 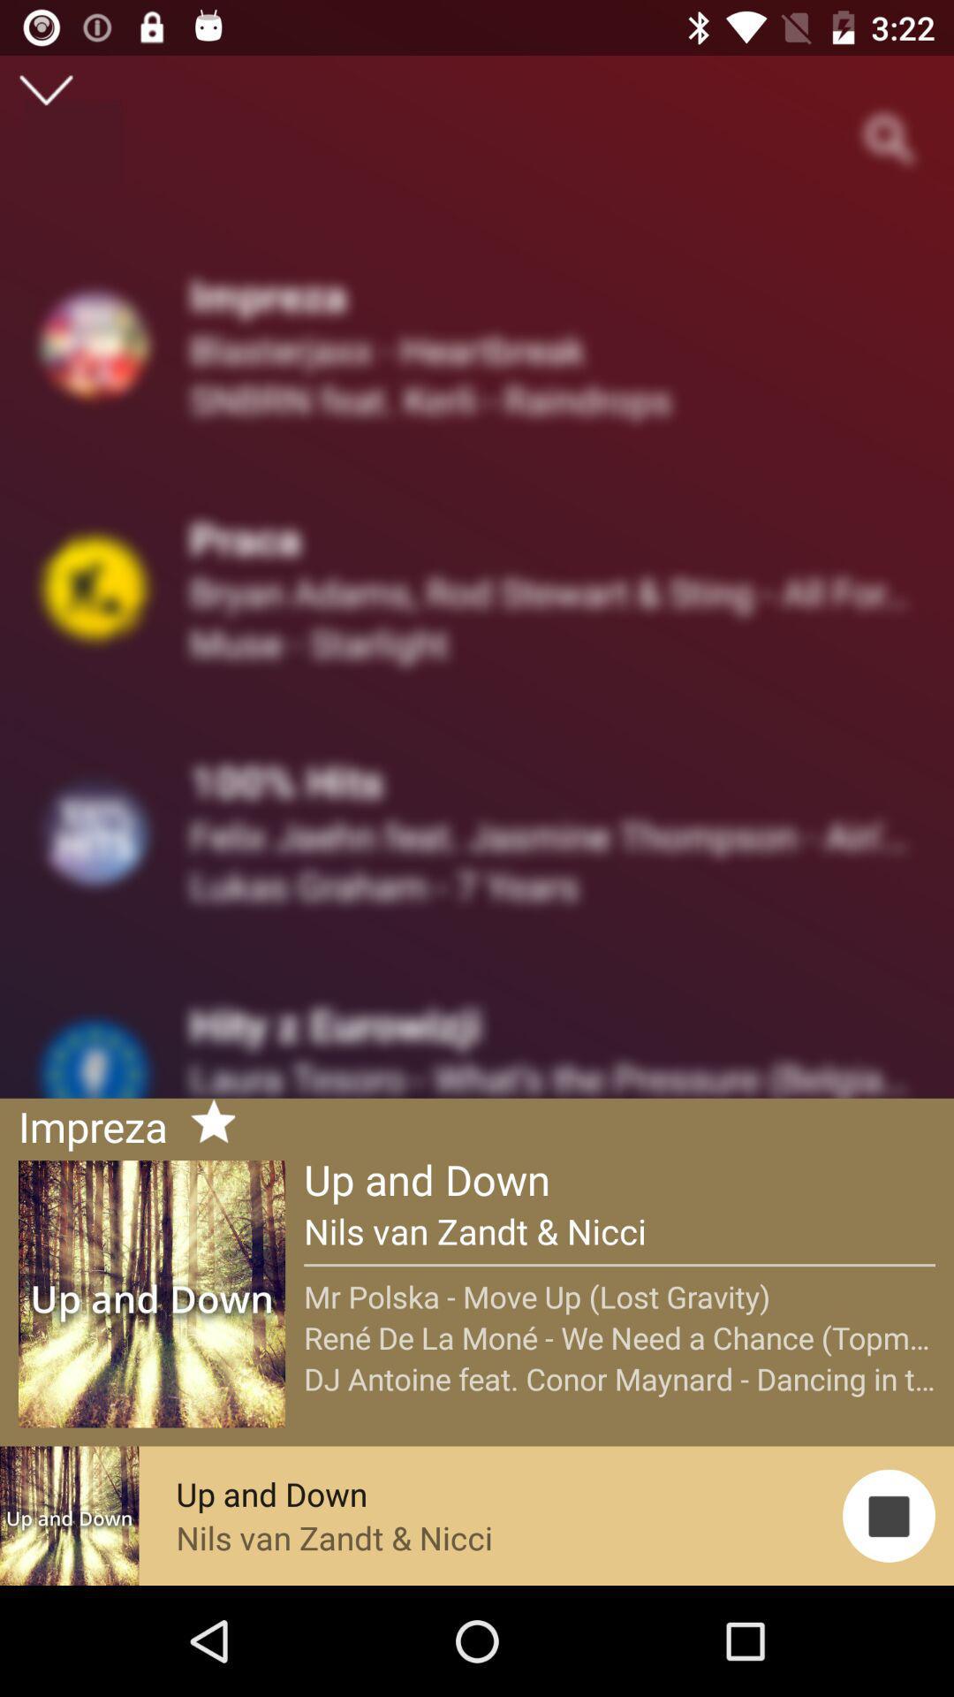 What do you see at coordinates (889, 1515) in the screenshot?
I see `right corner symbol at the botteom` at bounding box center [889, 1515].